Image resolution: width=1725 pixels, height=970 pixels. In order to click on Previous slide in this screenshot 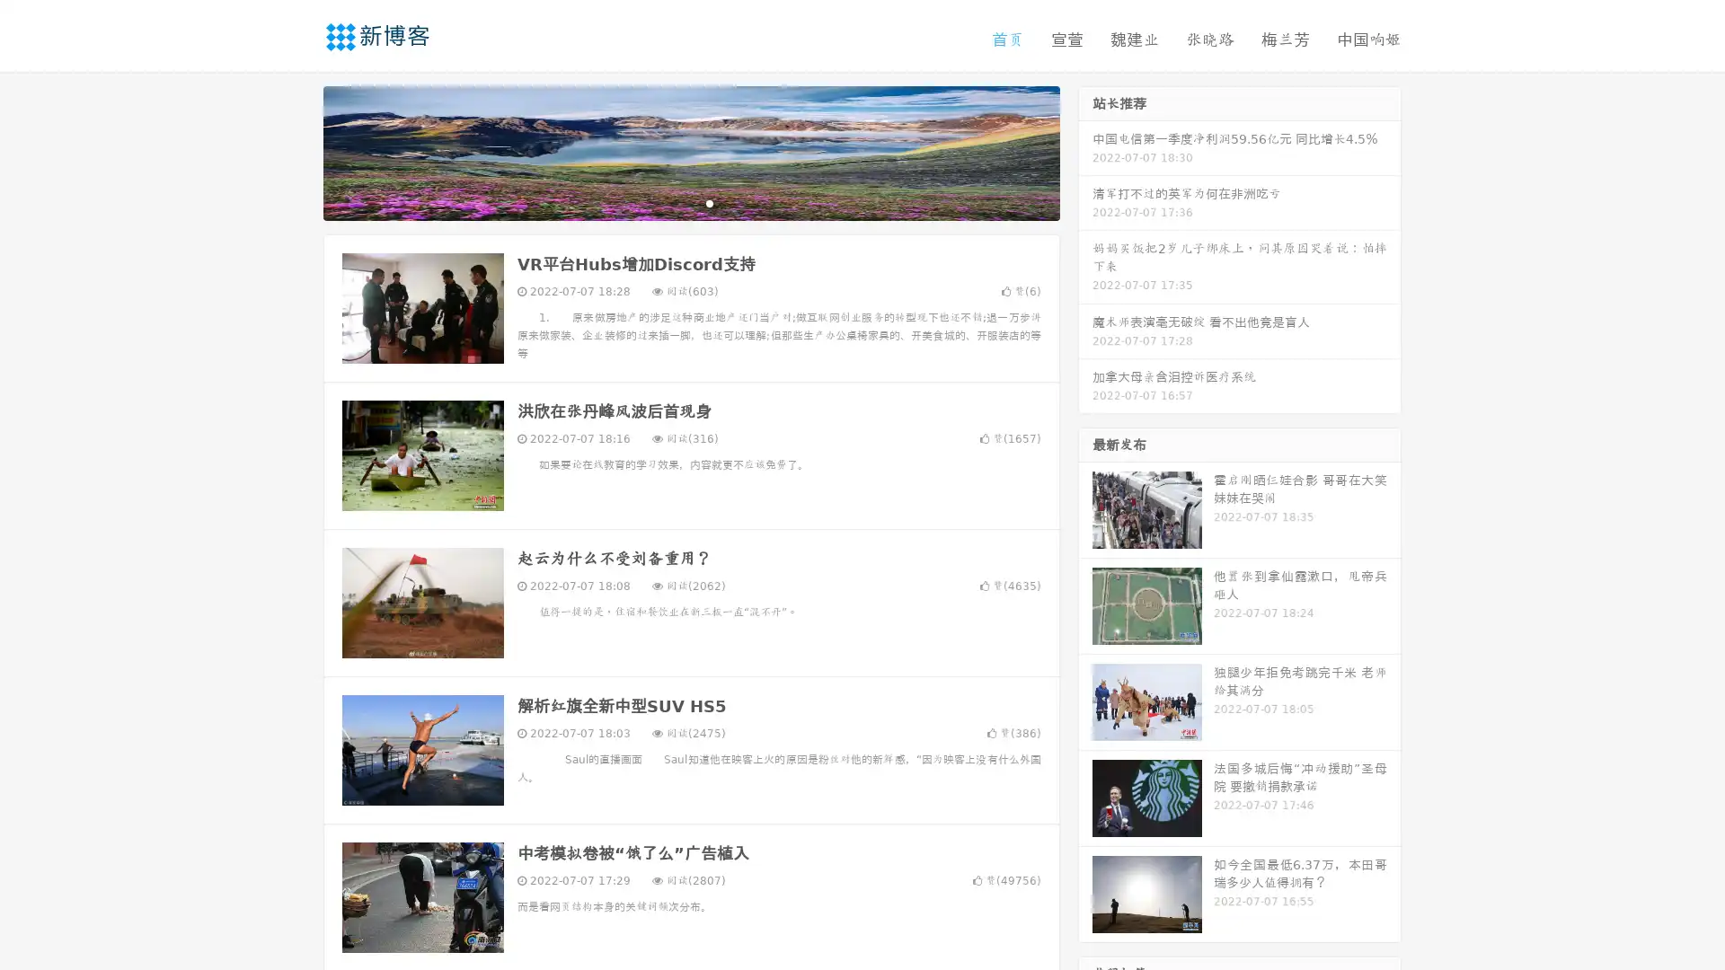, I will do `click(296, 151)`.